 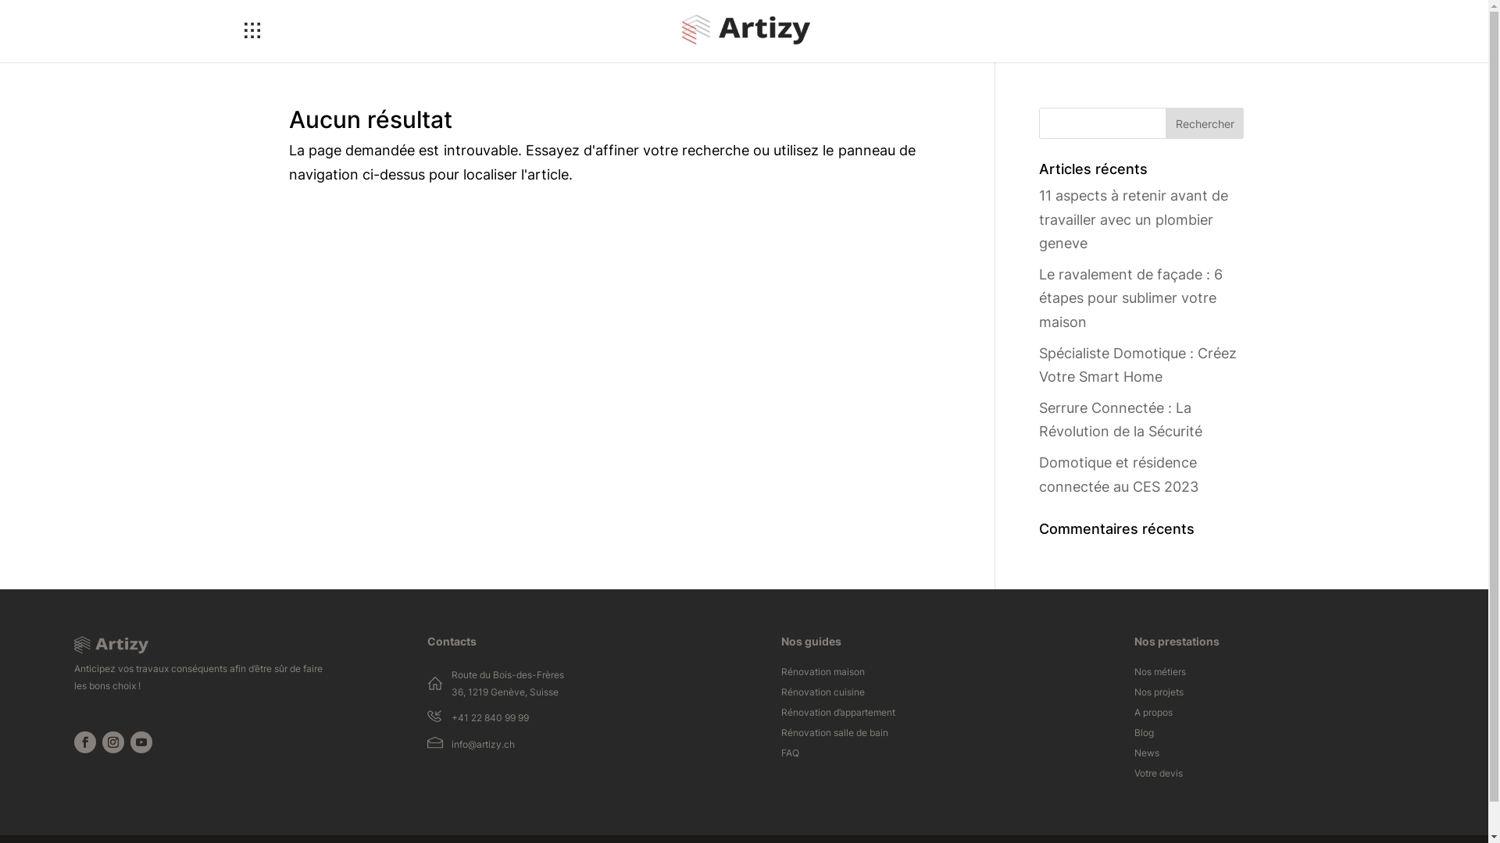 I want to click on 'Nos projets', so click(x=1159, y=695).